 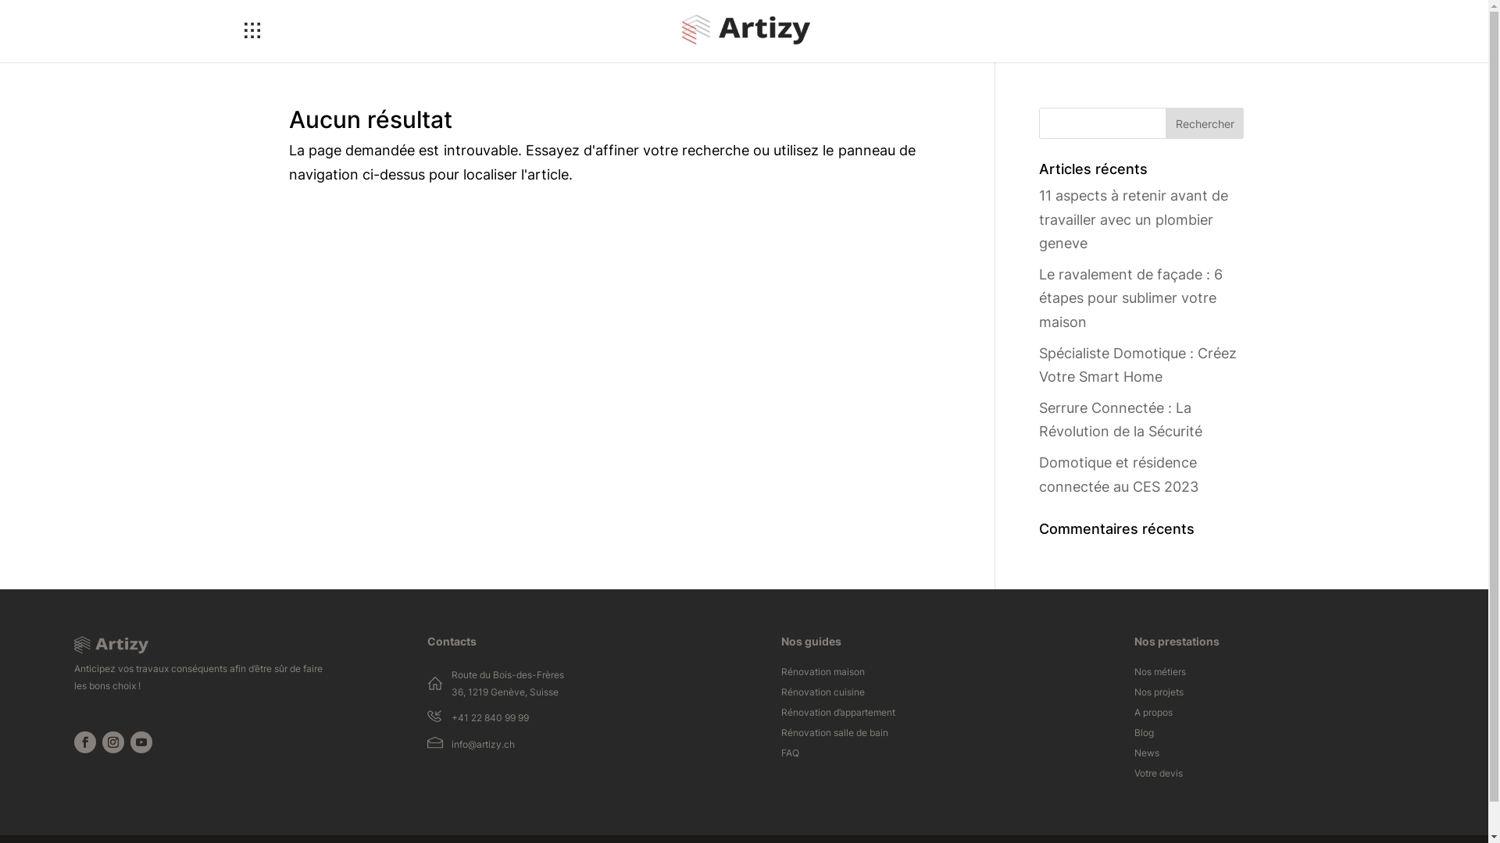 I want to click on 'Nos projets', so click(x=1159, y=695).